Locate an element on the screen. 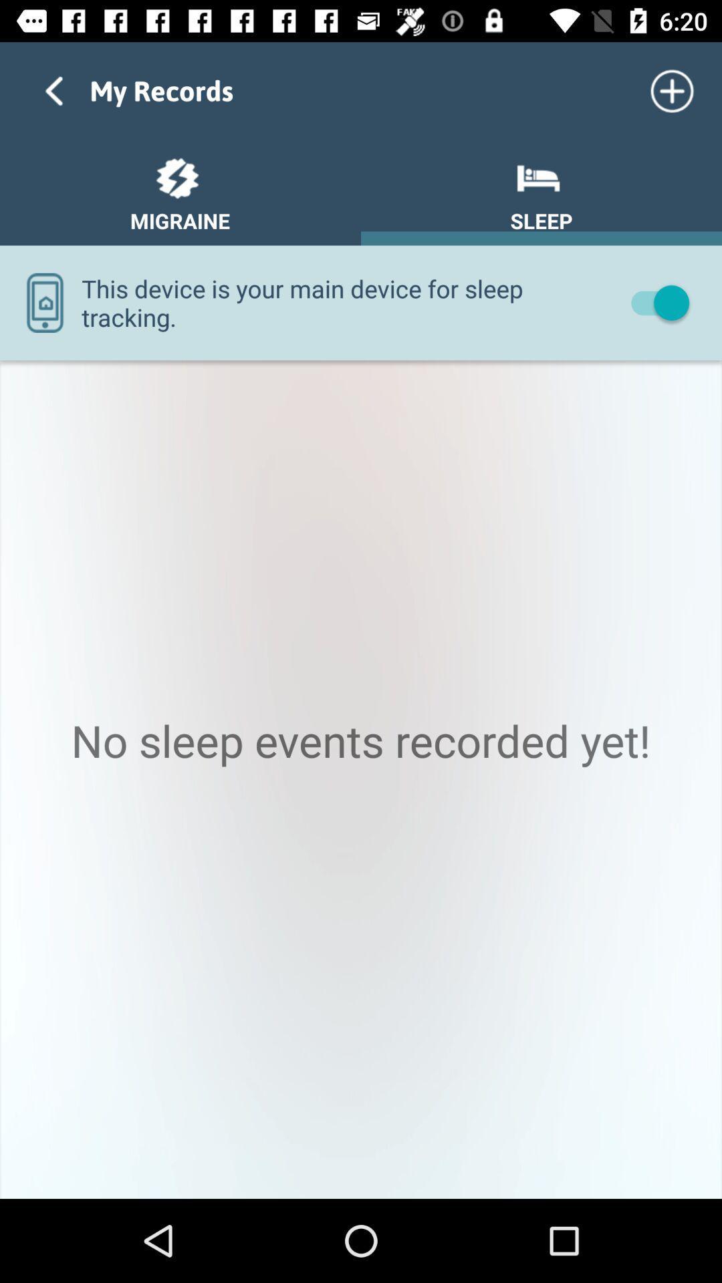 This screenshot has height=1283, width=722. icon at the center is located at coordinates (361, 779).